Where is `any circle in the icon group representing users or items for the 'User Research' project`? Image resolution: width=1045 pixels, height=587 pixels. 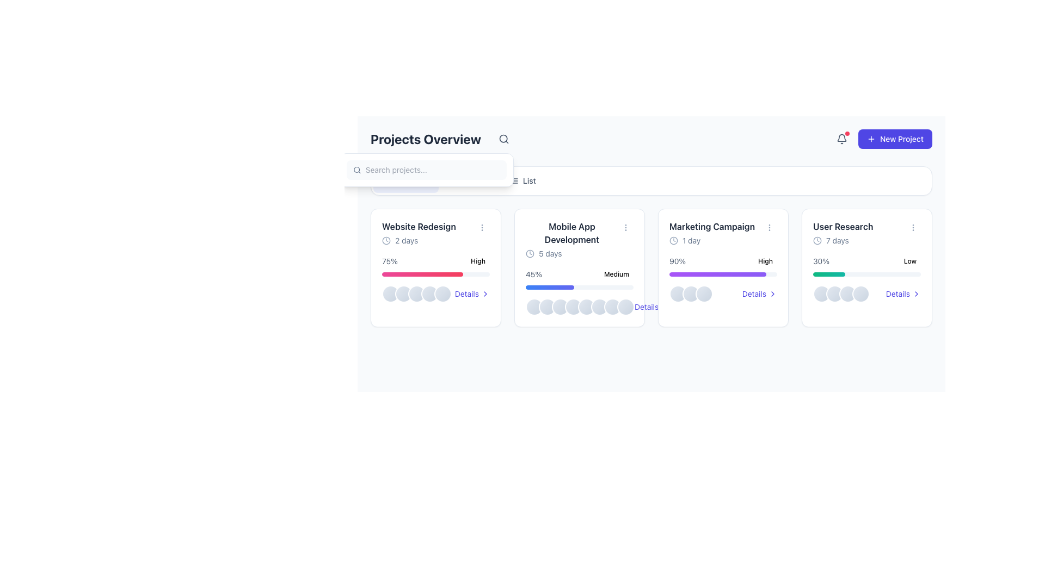 any circle in the icon group representing users or items for the 'User Research' project is located at coordinates (840, 293).